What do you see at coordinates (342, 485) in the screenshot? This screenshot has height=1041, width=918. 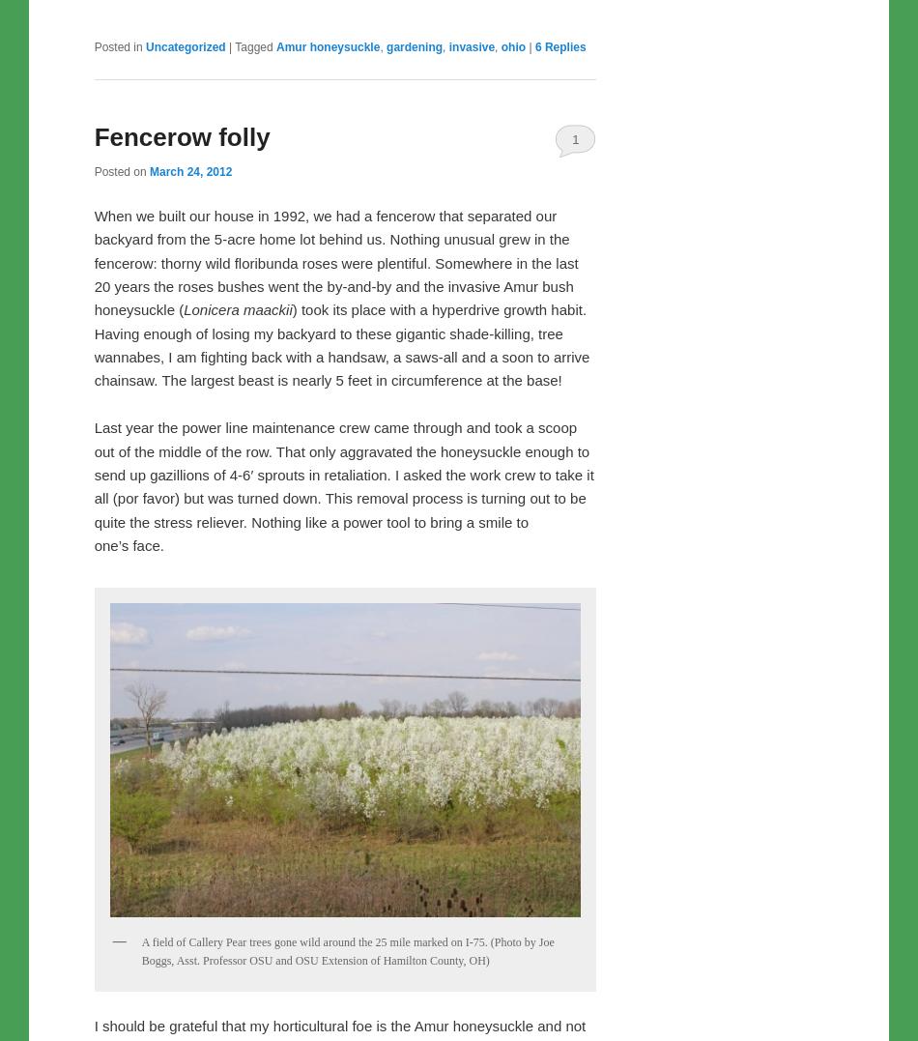 I see `'Last year the power line maintenance crew came through and took a scoop out of the middle of the row. That only aggravated the honeysuckle enough to send up gazillions of 4-6′ sprouts in retaliation. I asked the work crew to take it all (por favor) but was turned down. This removal process is turning out to be quite the stress reliever. Nothing like a power tool to bring a smile to one’s face.'` at bounding box center [342, 485].